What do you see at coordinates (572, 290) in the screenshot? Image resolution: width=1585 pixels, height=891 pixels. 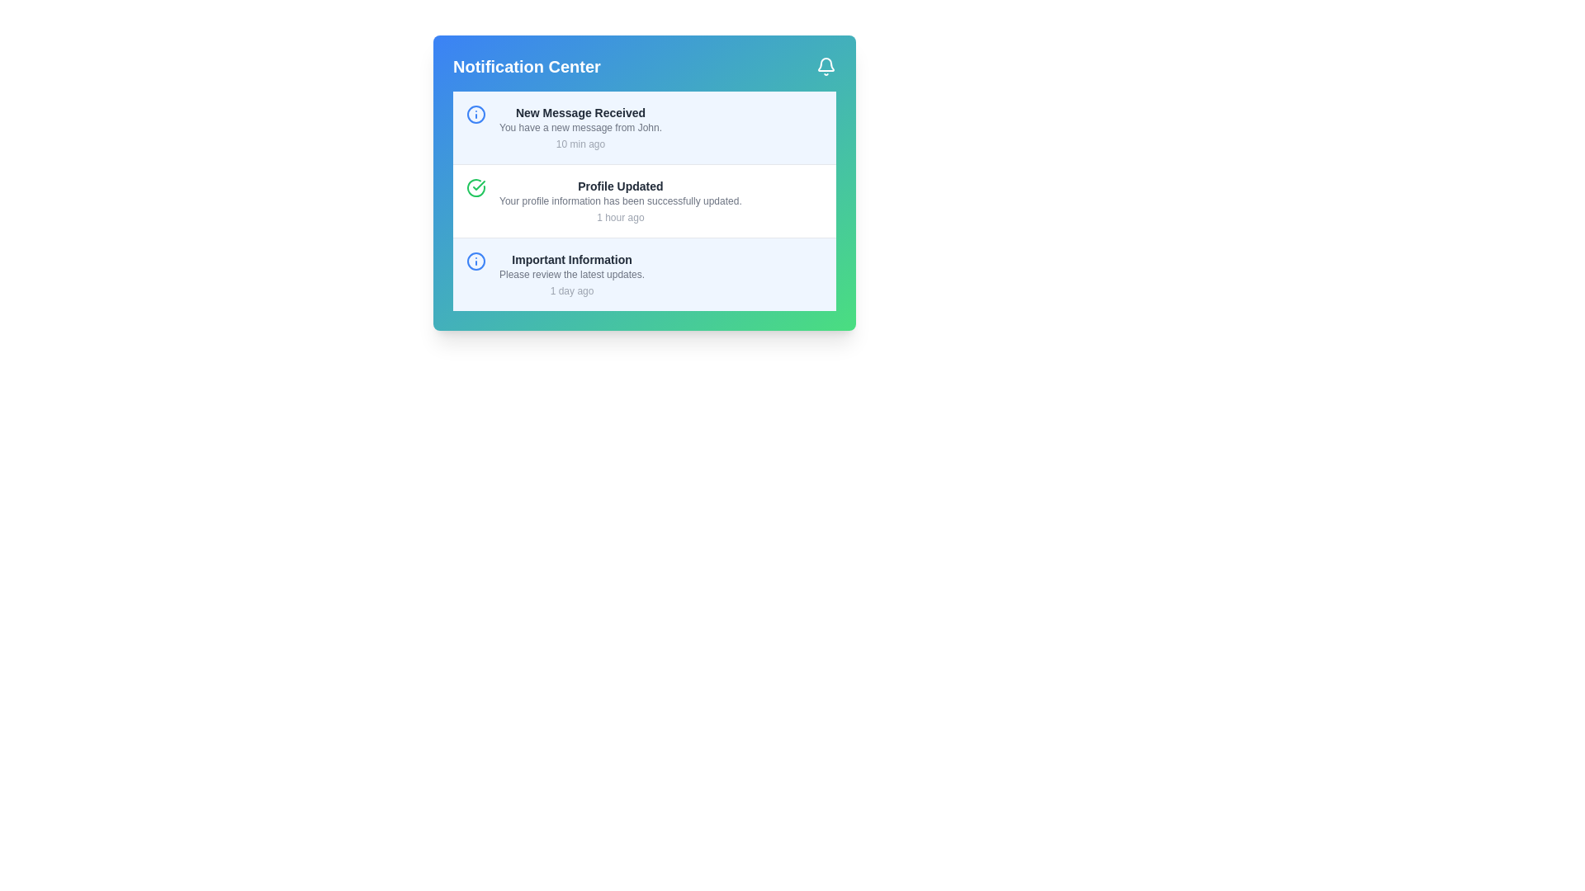 I see `the label indicating the time elapsed since the associated notification was created, located in the 'Important Information' notification box, below the text 'Please review the latest updates'` at bounding box center [572, 290].